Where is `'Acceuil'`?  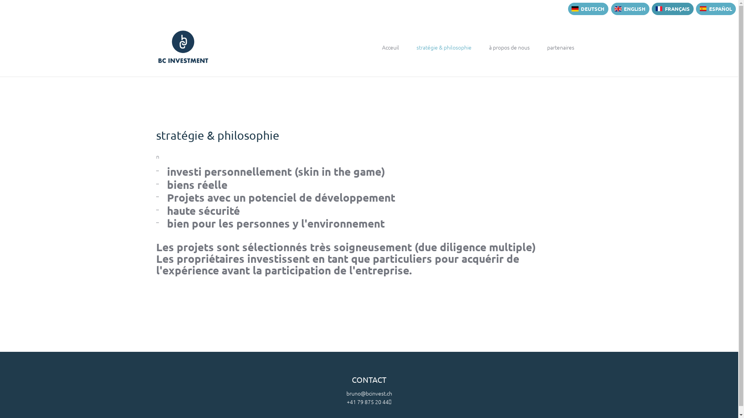 'Acceuil' is located at coordinates (391, 47).